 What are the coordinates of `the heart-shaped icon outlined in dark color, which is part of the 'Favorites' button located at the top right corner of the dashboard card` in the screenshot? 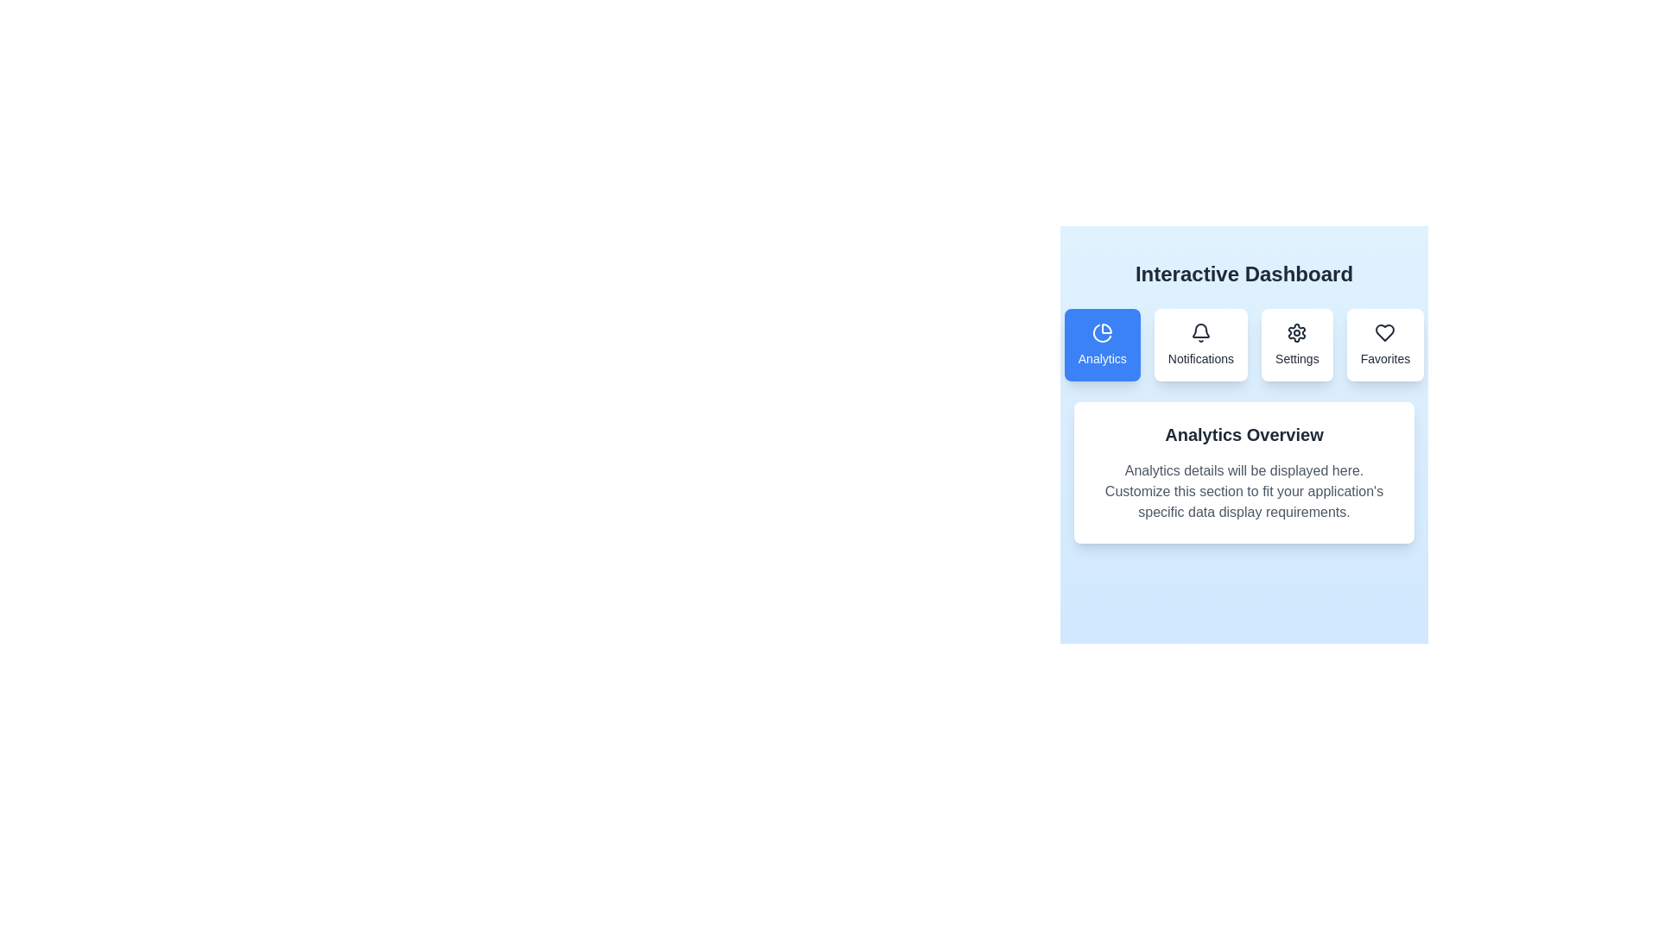 It's located at (1385, 332).